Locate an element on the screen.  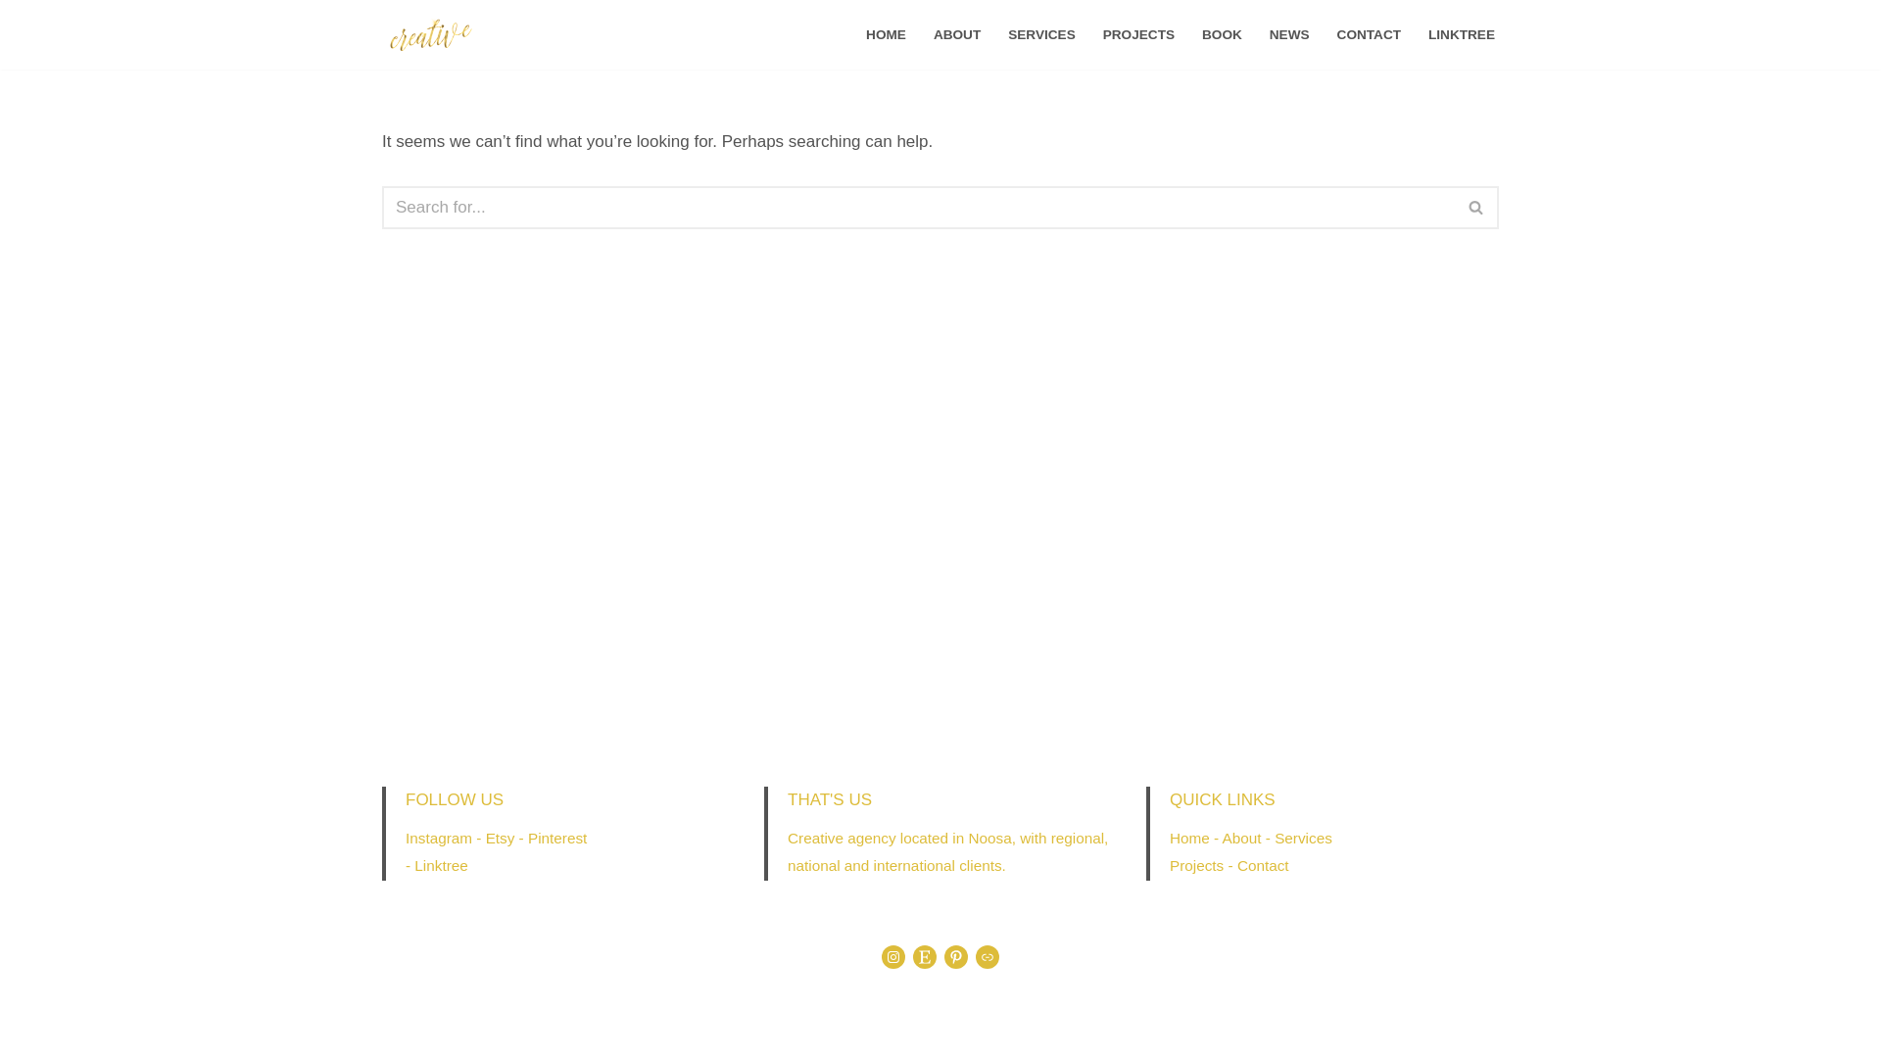
'CONTACT' is located at coordinates (1335, 34).